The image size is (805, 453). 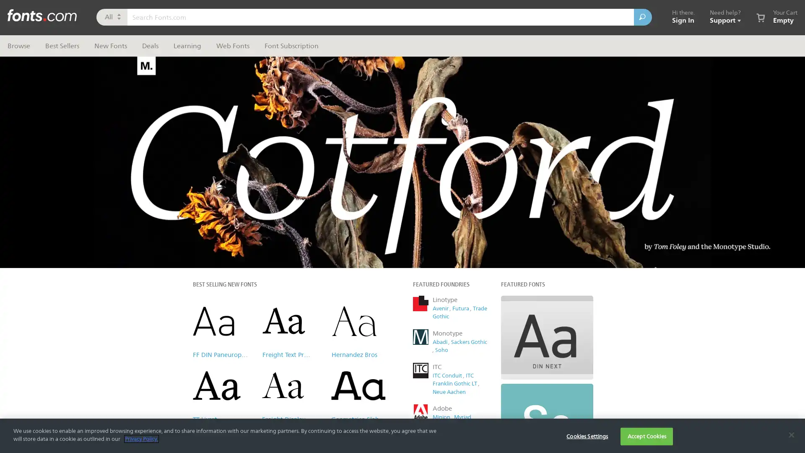 What do you see at coordinates (791, 434) in the screenshot?
I see `Close` at bounding box center [791, 434].